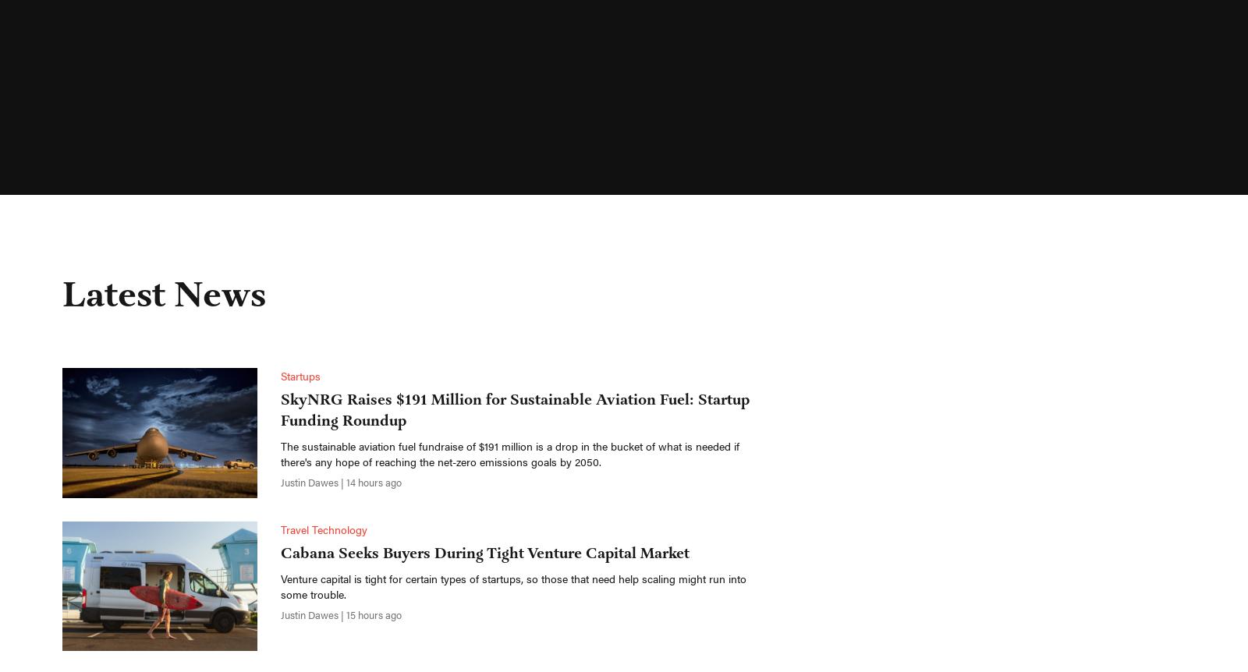 This screenshot has width=1248, height=672. I want to click on 'Research', so click(407, 27).